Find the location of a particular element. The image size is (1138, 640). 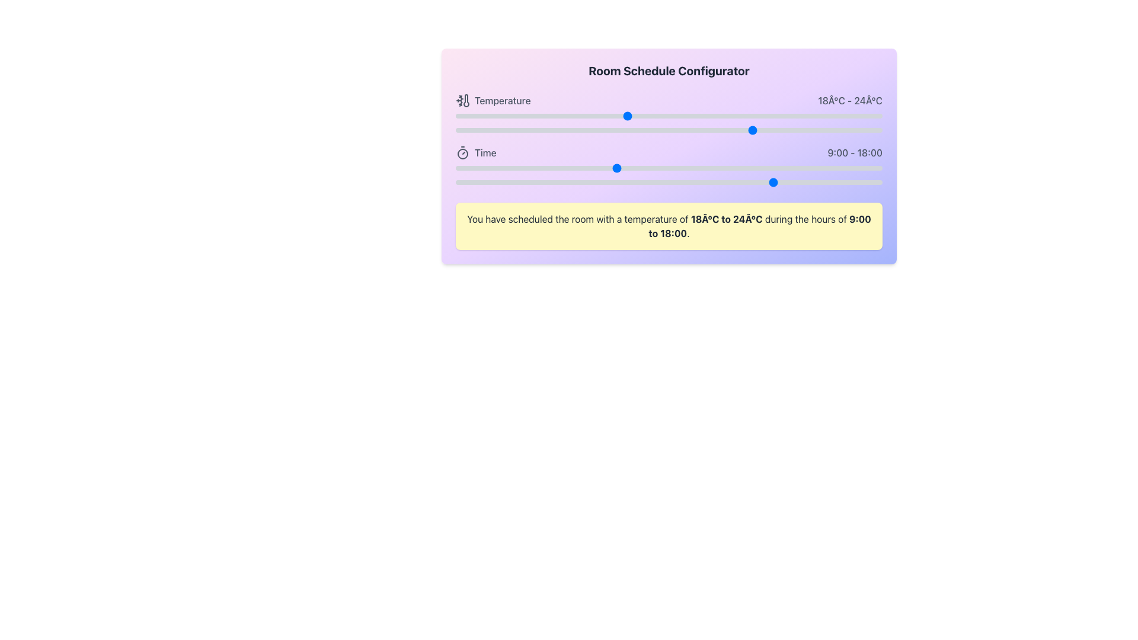

the time is located at coordinates (615, 168).